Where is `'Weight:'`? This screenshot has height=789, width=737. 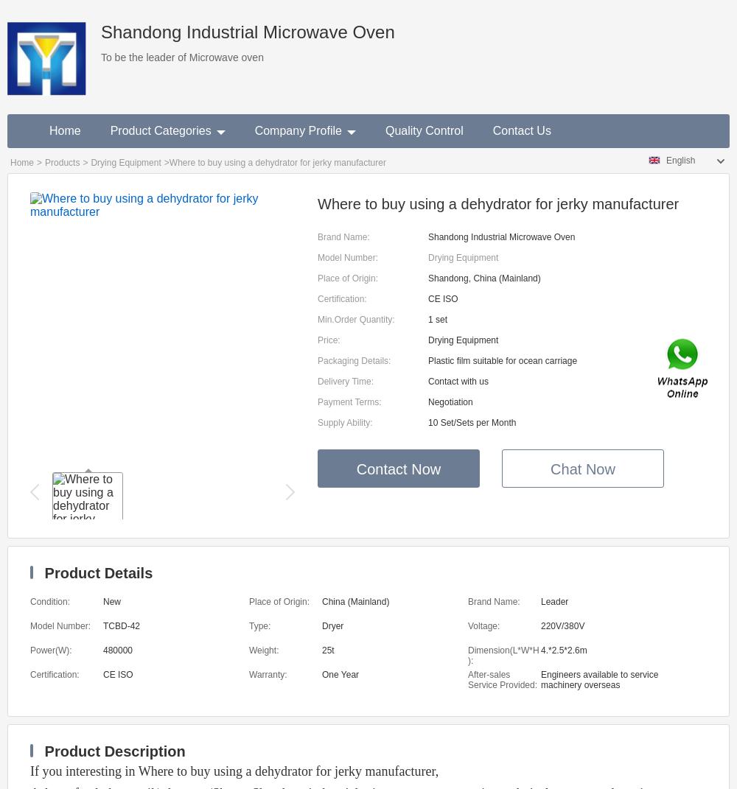
'Weight:' is located at coordinates (263, 651).